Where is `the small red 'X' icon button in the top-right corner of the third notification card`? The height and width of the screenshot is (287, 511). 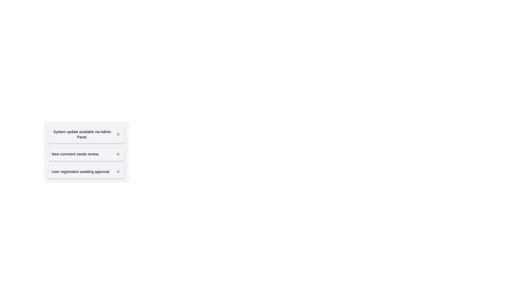 the small red 'X' icon button in the top-right corner of the third notification card is located at coordinates (118, 171).